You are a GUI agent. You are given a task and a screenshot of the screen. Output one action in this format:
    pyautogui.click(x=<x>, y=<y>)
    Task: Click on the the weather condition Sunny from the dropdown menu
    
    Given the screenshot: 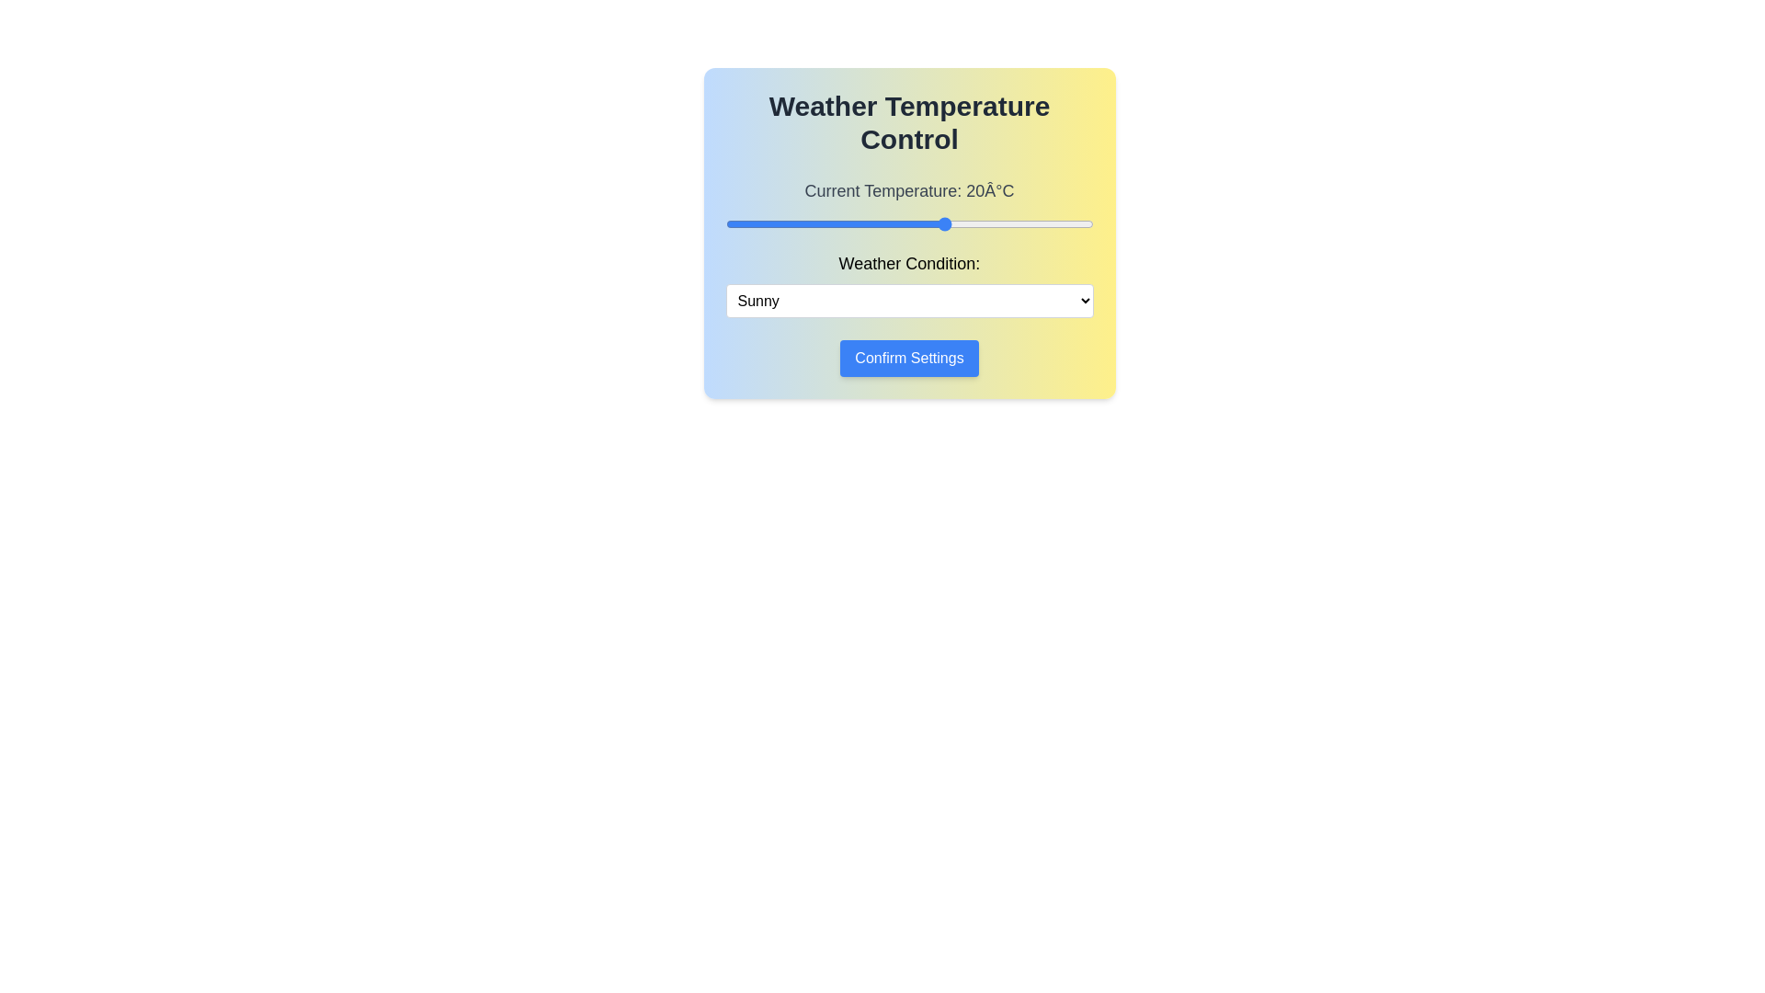 What is the action you would take?
    pyautogui.click(x=909, y=300)
    